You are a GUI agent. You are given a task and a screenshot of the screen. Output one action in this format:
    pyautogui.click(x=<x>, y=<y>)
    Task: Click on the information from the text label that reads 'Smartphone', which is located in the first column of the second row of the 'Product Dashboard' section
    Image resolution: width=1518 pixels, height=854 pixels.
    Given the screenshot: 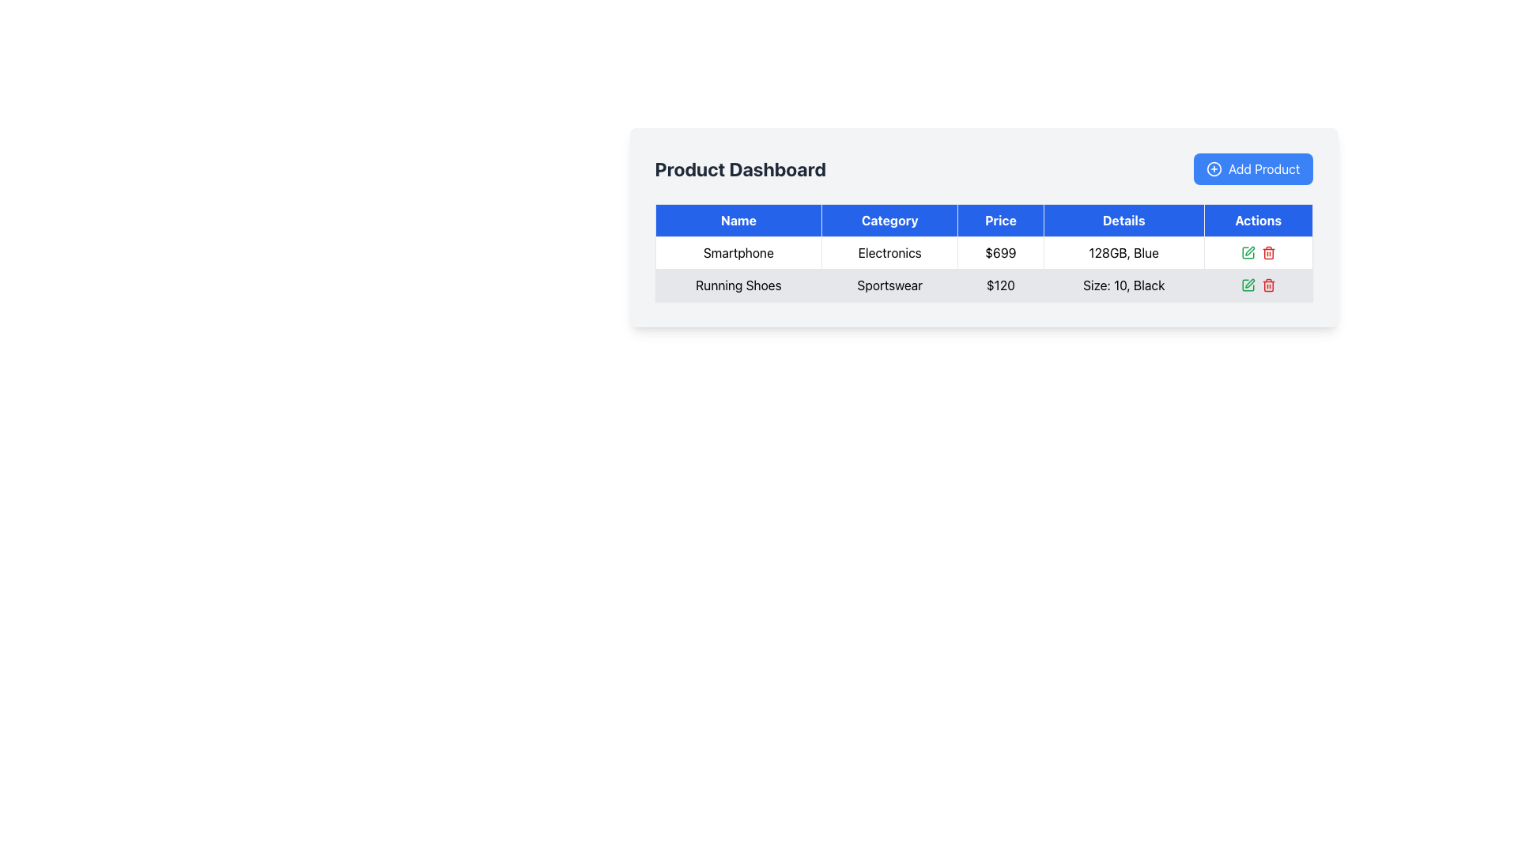 What is the action you would take?
    pyautogui.click(x=738, y=252)
    